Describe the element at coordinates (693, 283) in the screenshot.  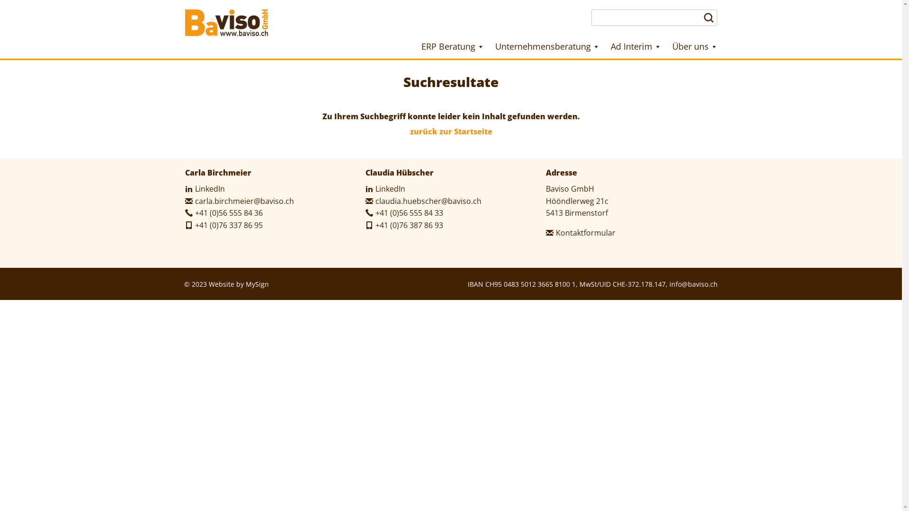
I see `'info@baviso.ch'` at that location.